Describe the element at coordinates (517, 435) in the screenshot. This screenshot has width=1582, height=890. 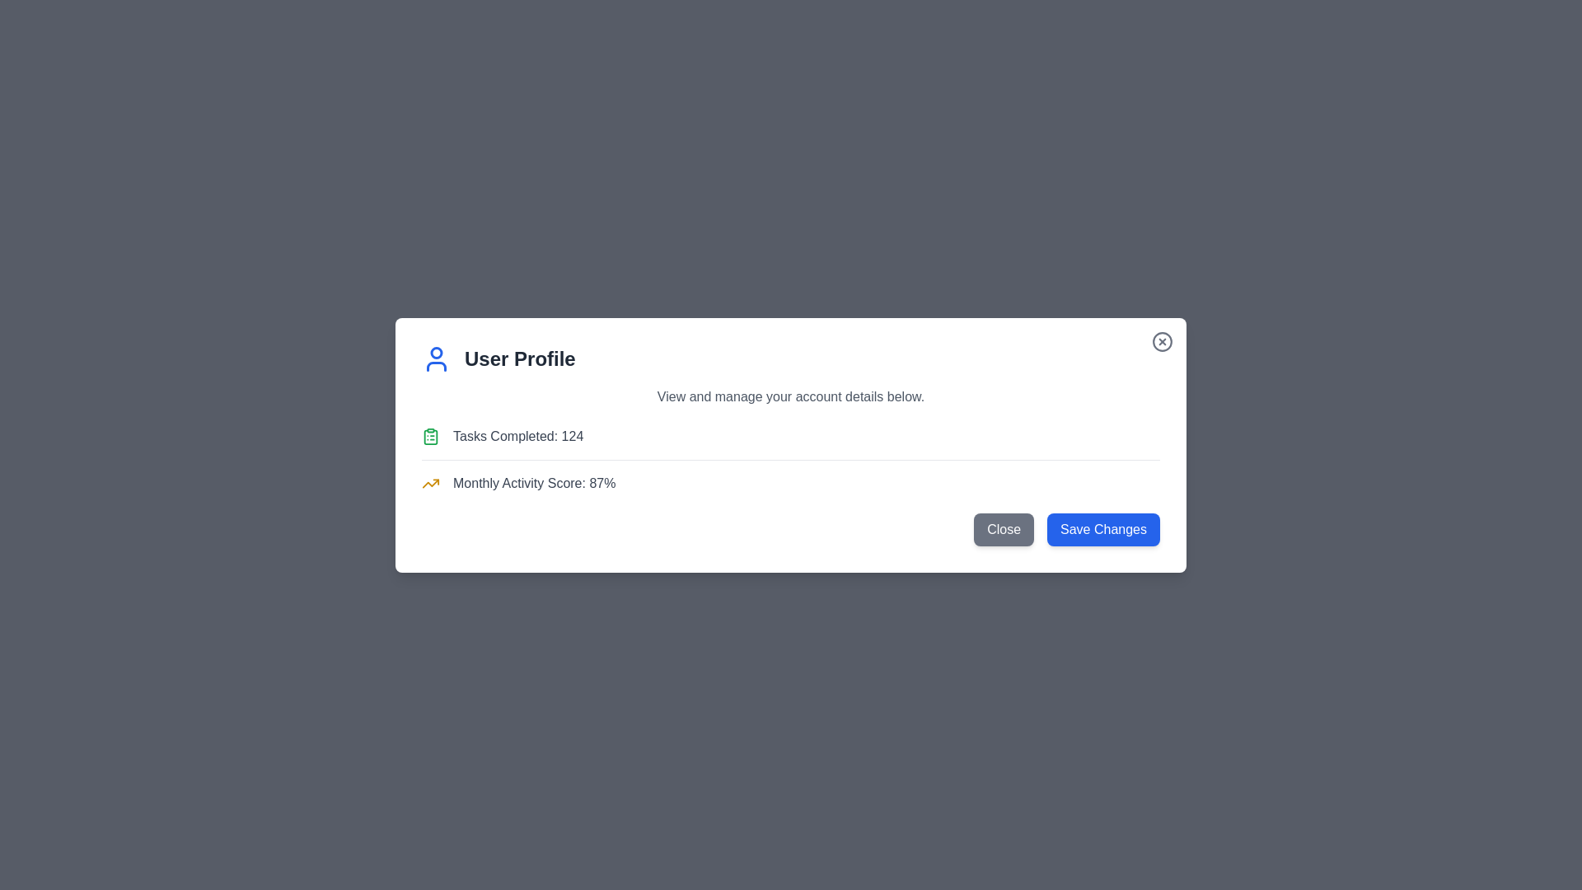
I see `the Text Label that displays the summary of task completion status, located within the 'User Profile' card, immediately to the right of the clipboard icon` at that location.